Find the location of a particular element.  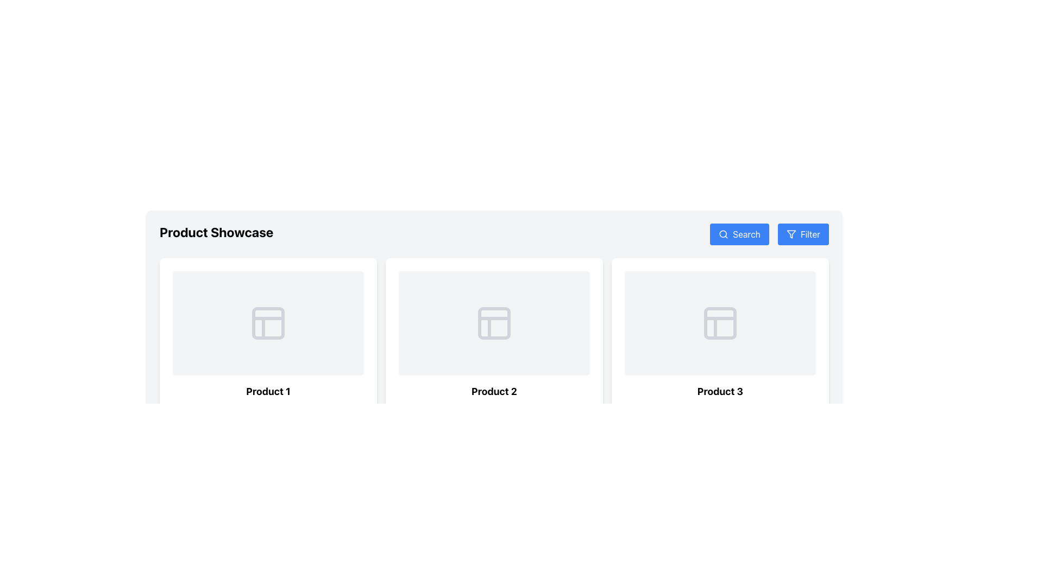

the small search icon, which is part of the 'Search' button located at the top-right of the interface is located at coordinates (724, 234).